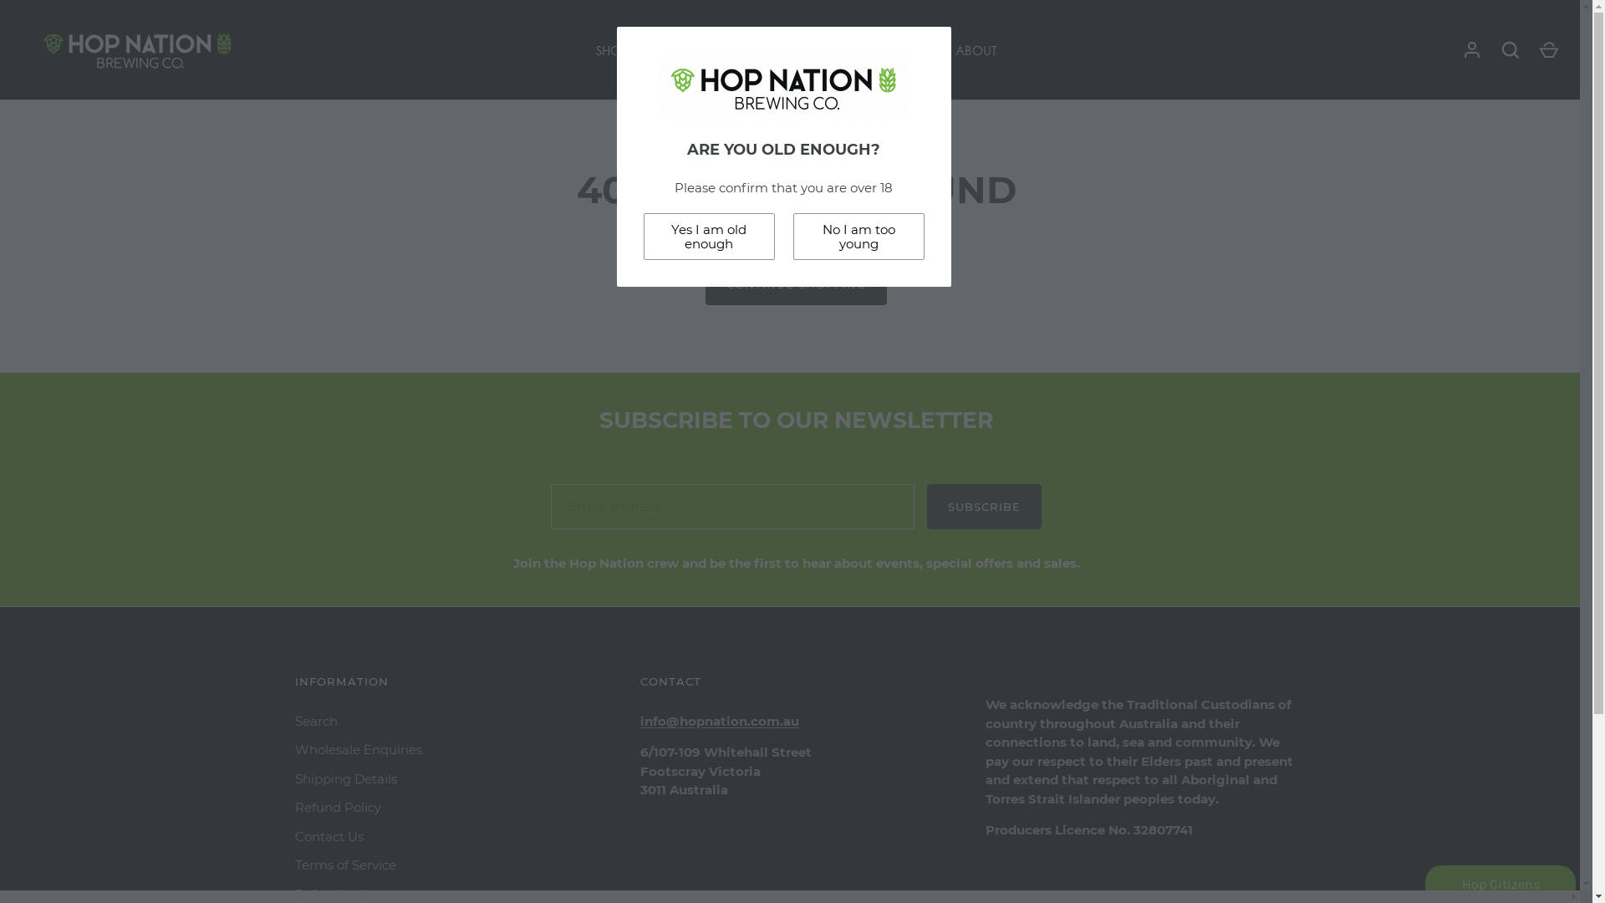 The image size is (1605, 903). What do you see at coordinates (719, 49) in the screenshot?
I see `'SHOP THE REST'` at bounding box center [719, 49].